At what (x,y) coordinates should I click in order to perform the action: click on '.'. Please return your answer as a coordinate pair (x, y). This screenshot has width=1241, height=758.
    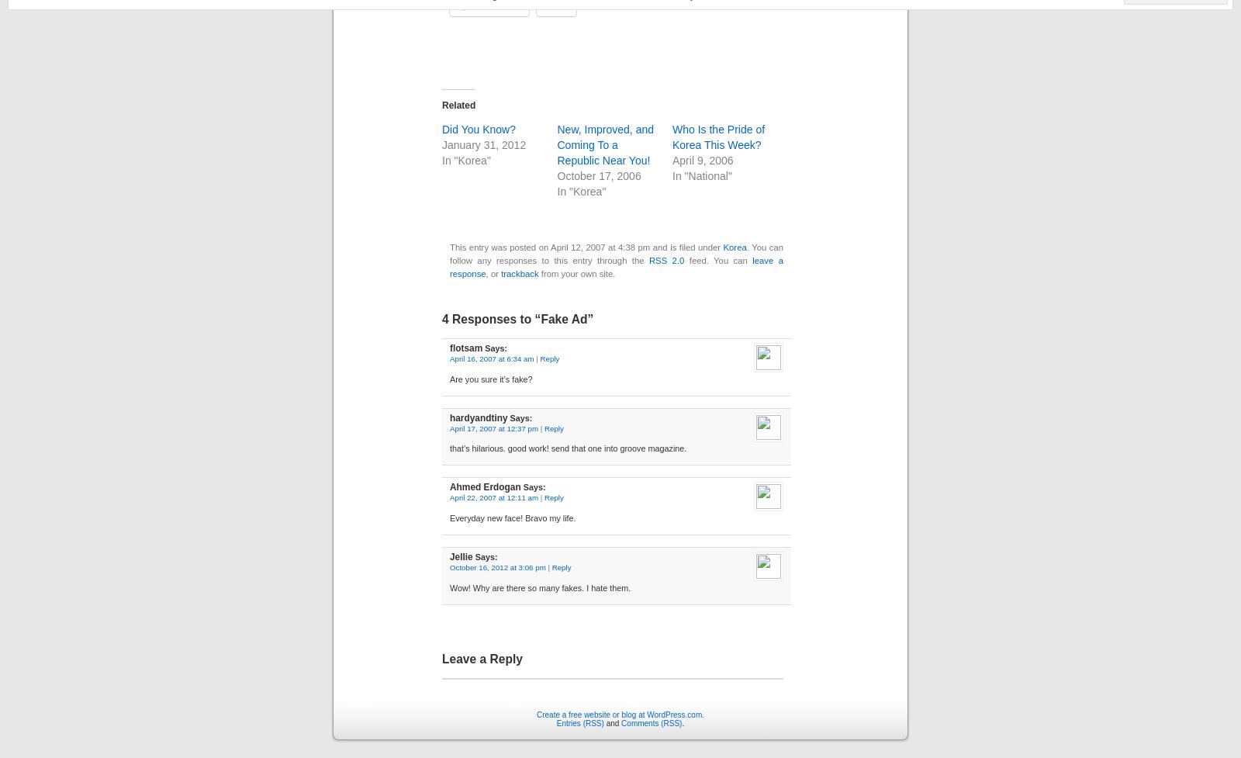
    Looking at the image, I should click on (681, 722).